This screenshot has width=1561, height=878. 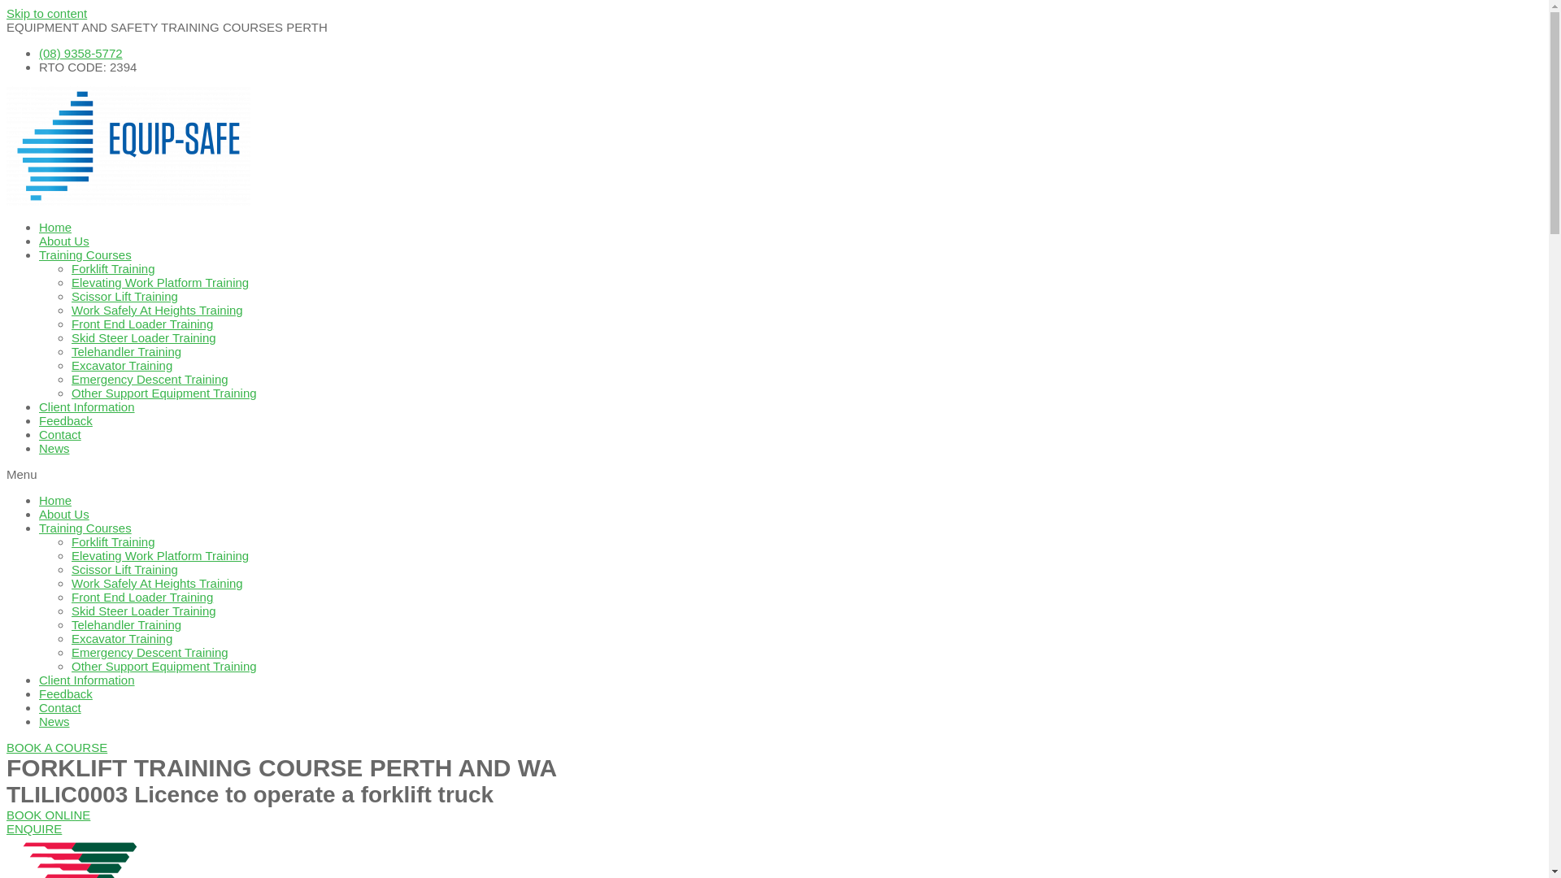 I want to click on 'Work Safely At Heights Training', so click(x=70, y=310).